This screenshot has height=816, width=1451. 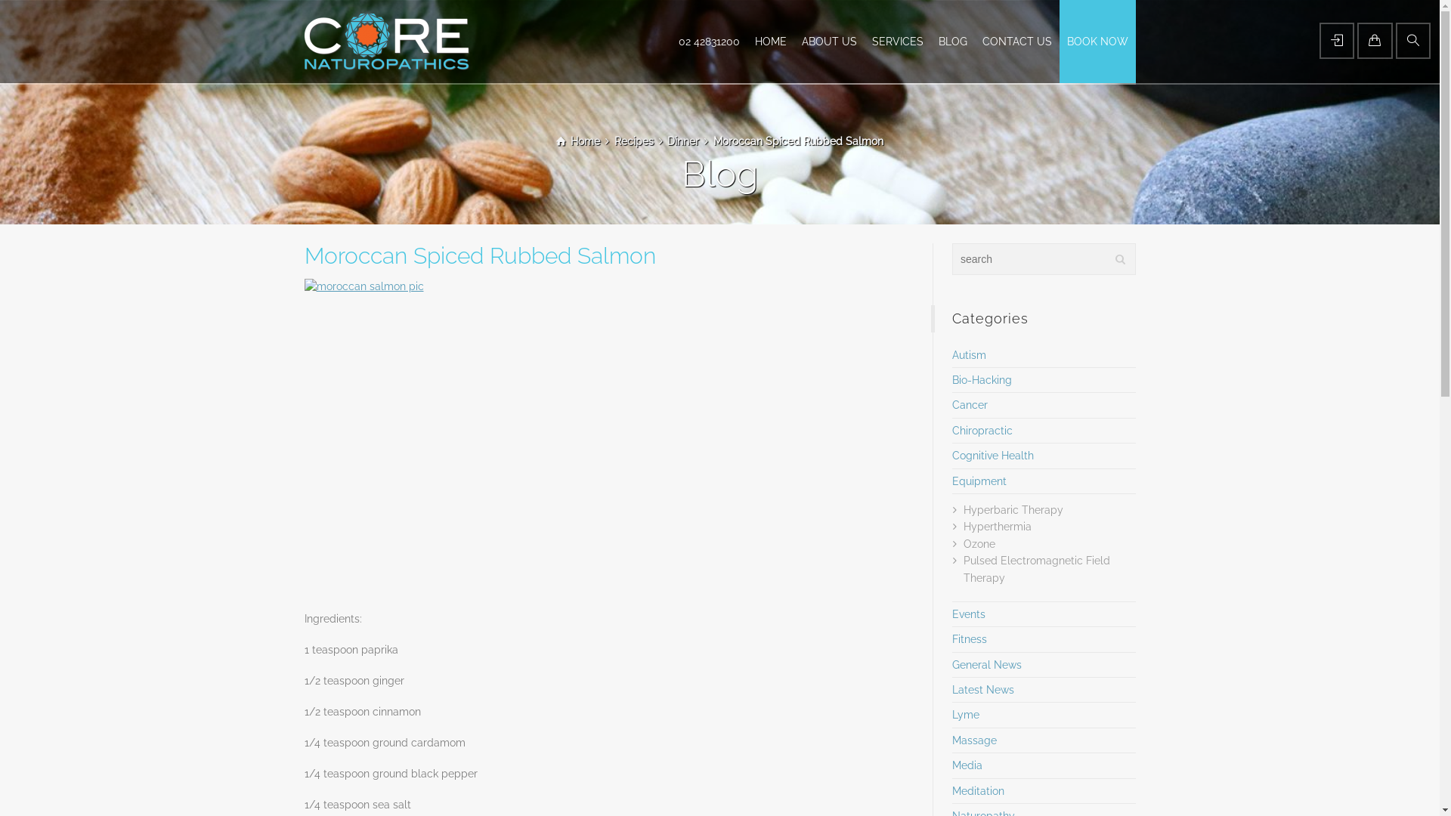 What do you see at coordinates (828, 40) in the screenshot?
I see `'ABOUT US'` at bounding box center [828, 40].